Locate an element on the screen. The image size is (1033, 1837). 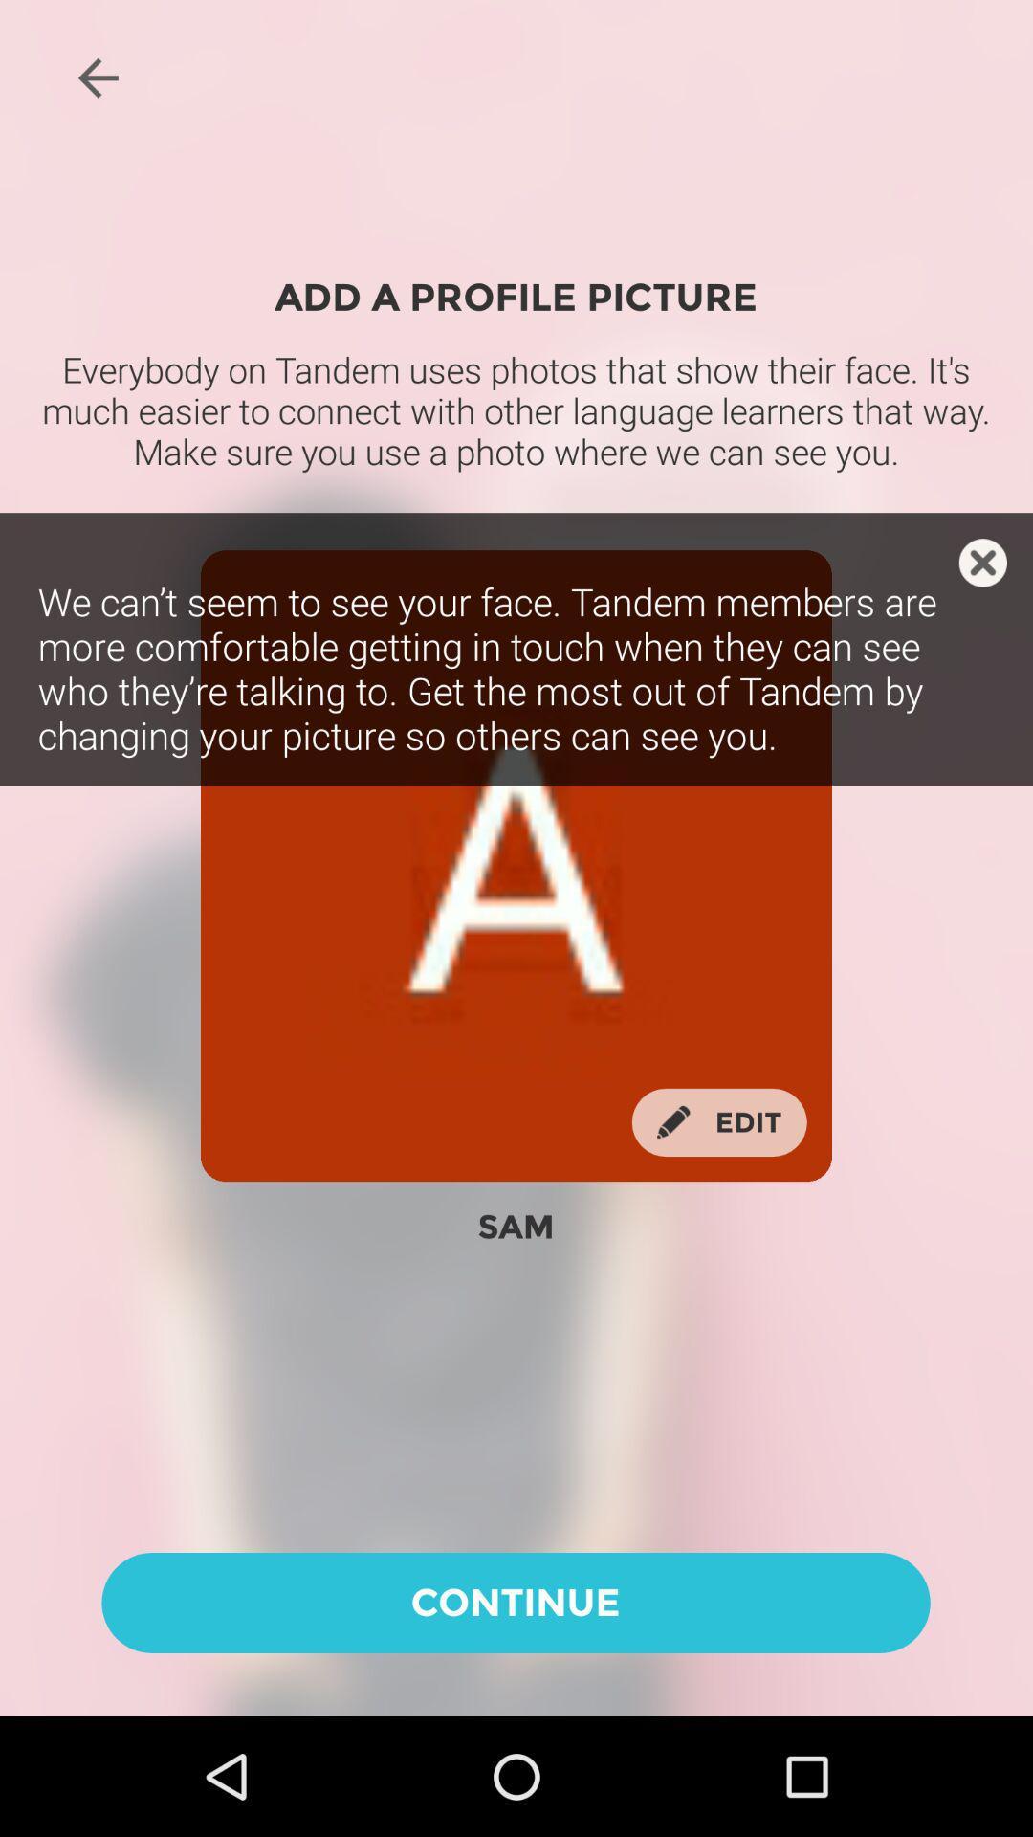
item at the top right corner is located at coordinates (982, 562).